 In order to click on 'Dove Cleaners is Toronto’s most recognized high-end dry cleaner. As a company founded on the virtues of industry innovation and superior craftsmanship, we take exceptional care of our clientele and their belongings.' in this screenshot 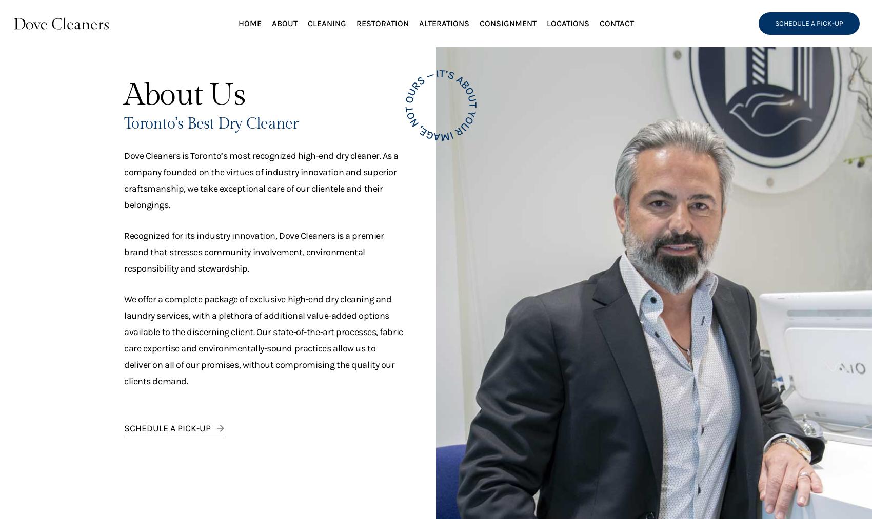, I will do `click(261, 180)`.